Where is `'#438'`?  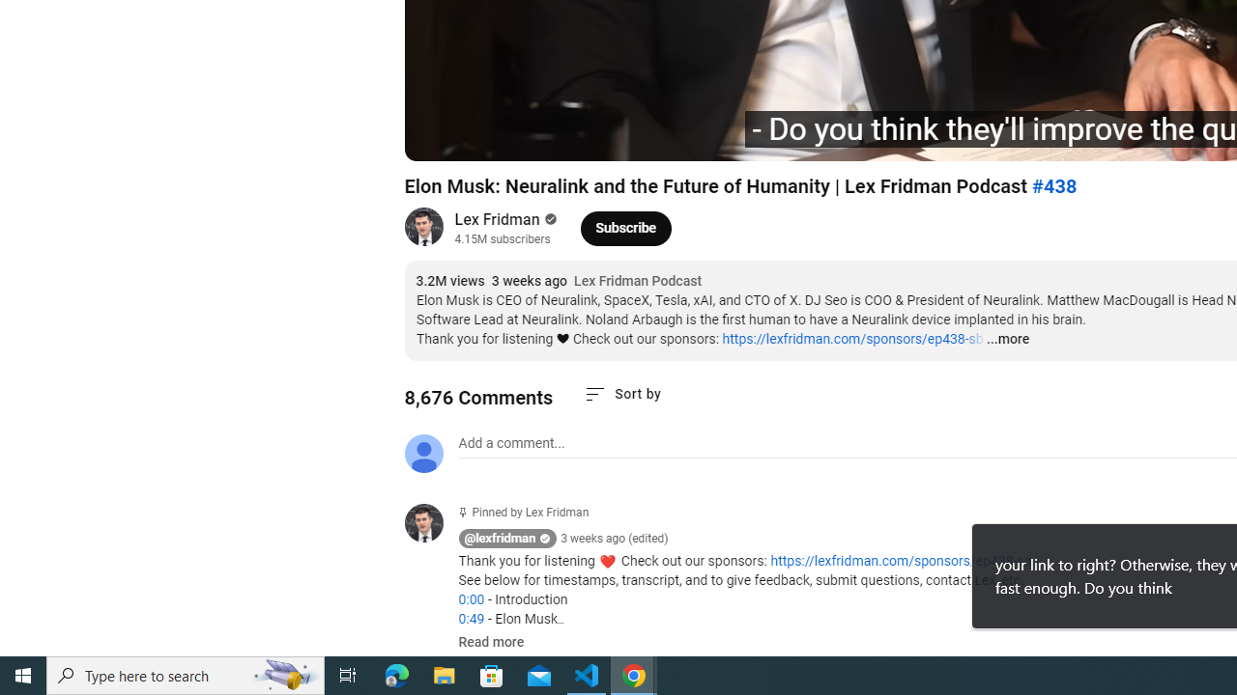 '#438' is located at coordinates (1053, 186).